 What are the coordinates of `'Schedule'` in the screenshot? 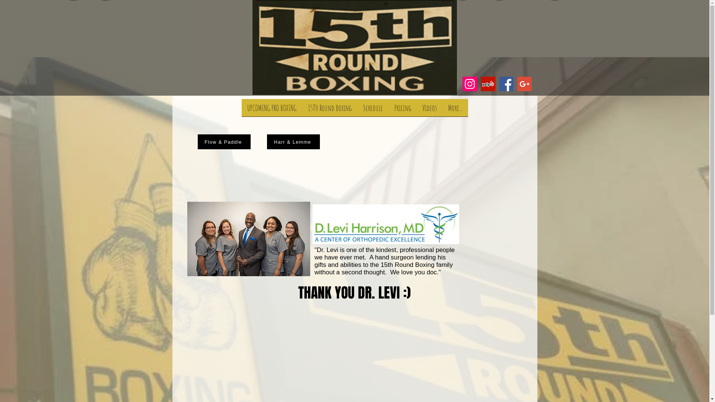 It's located at (373, 110).